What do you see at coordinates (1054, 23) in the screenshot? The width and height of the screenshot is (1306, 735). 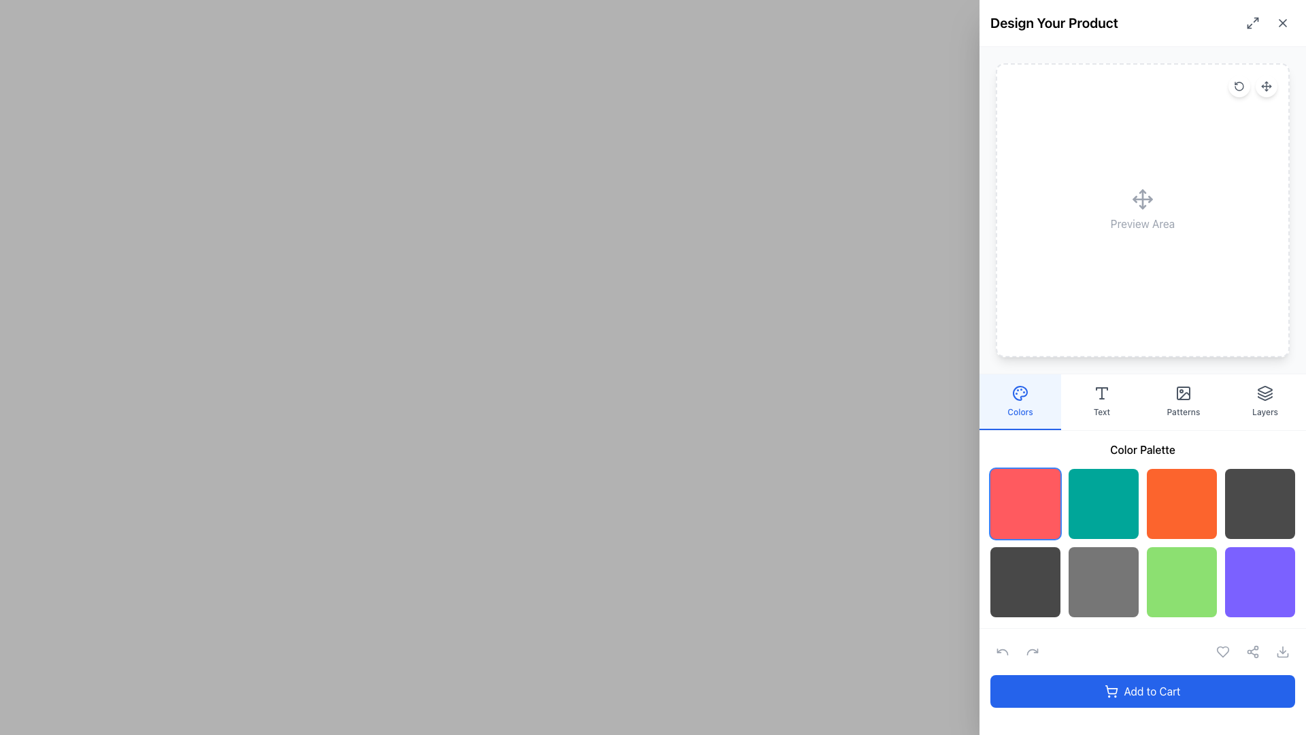 I see `the textual label 'Design Your Product' which is styled in a bold, large font and located at the top of the right-side panel` at bounding box center [1054, 23].